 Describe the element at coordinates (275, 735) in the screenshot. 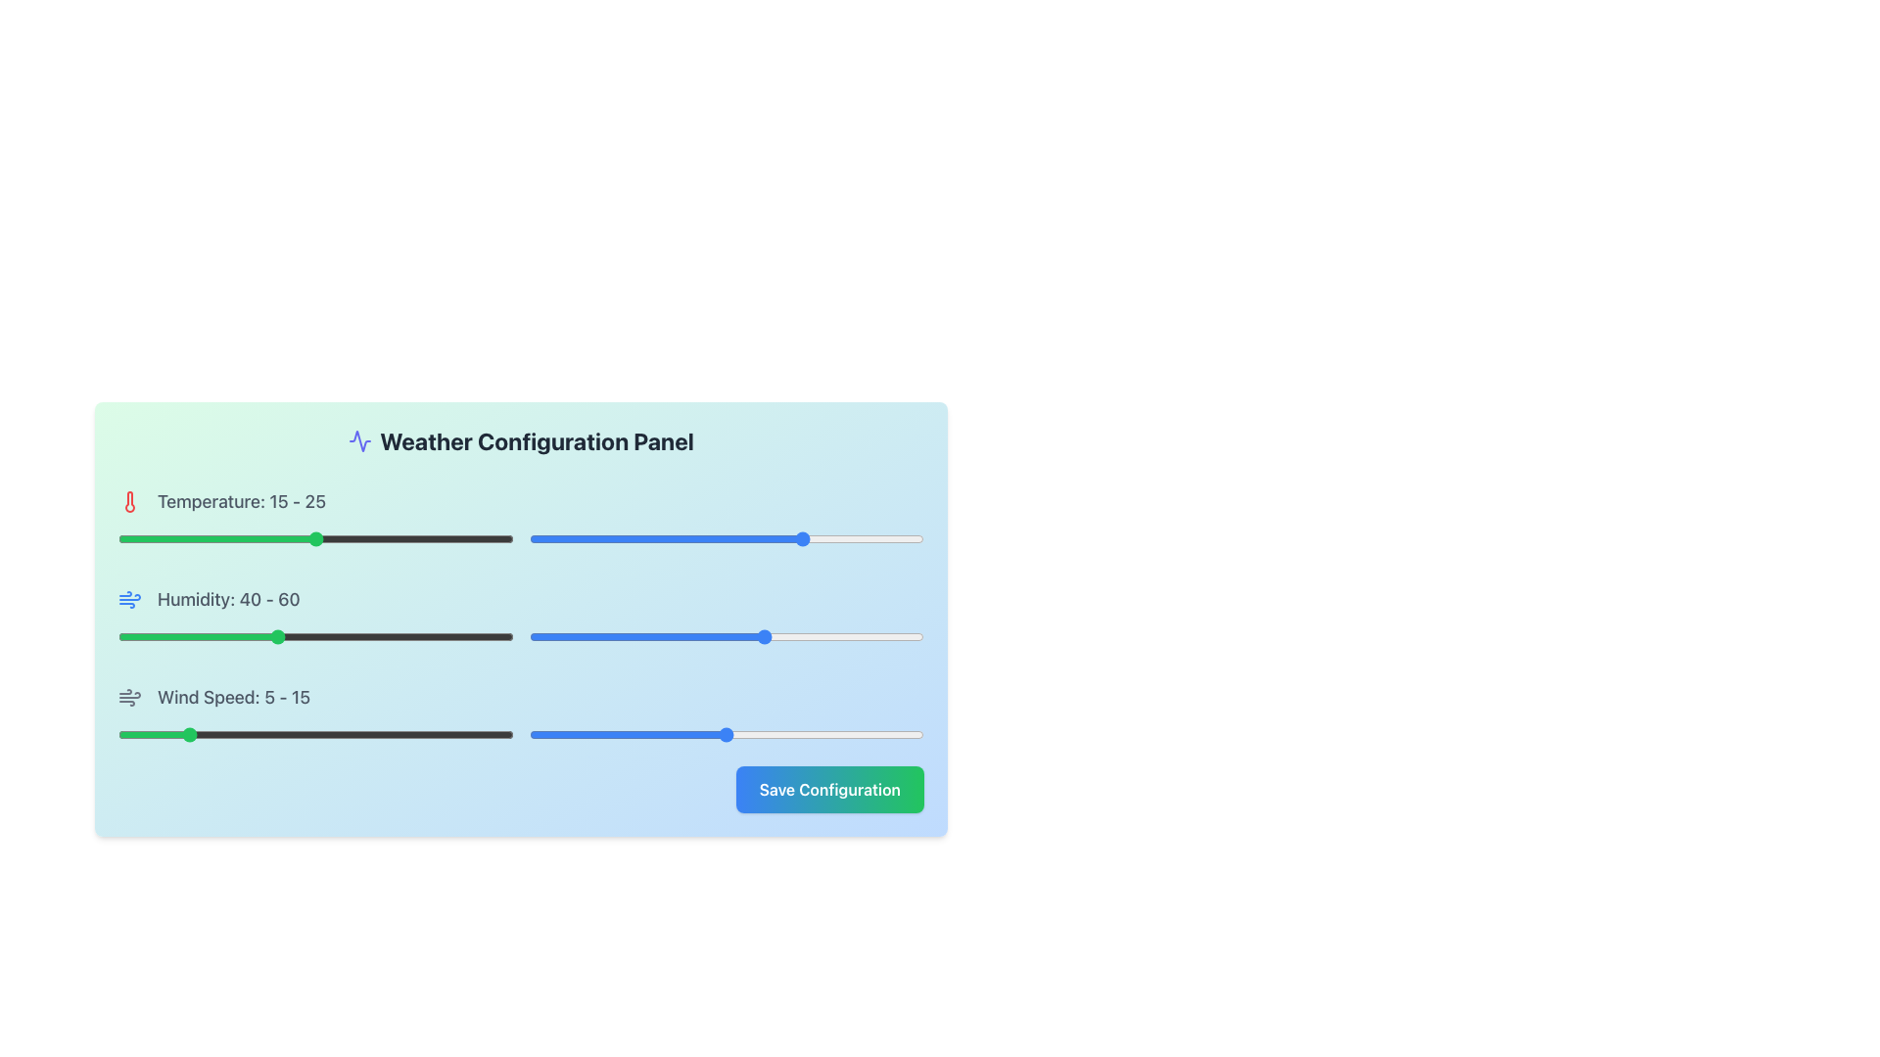

I see `the wind speed` at that location.